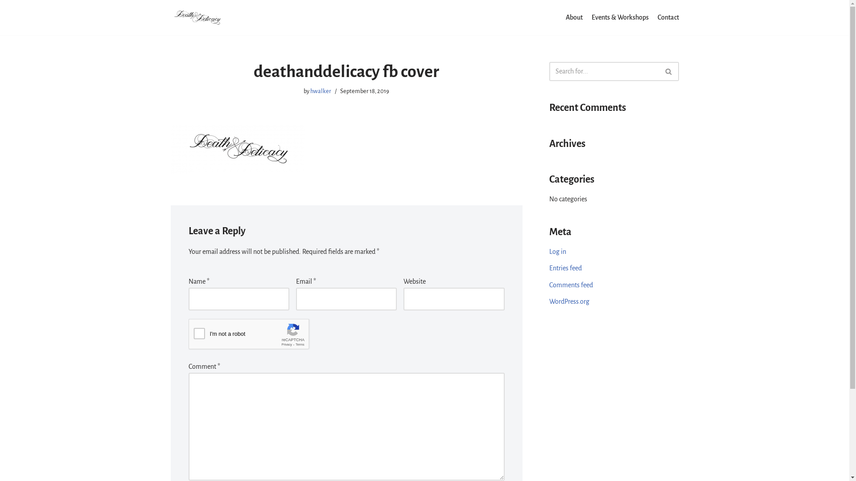  I want to click on 'reCAPTCHA', so click(255, 336).